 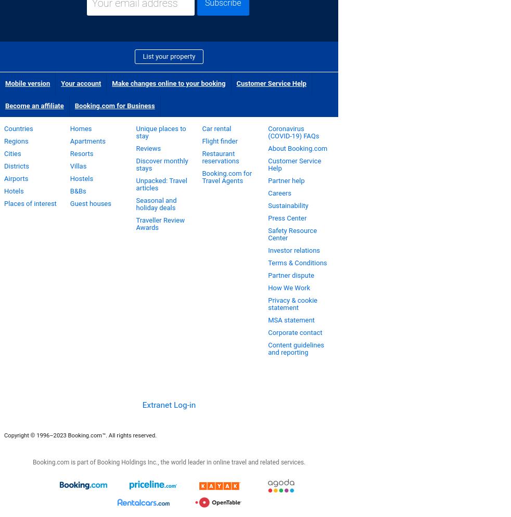 I want to click on 'Flight finder', so click(x=201, y=140).